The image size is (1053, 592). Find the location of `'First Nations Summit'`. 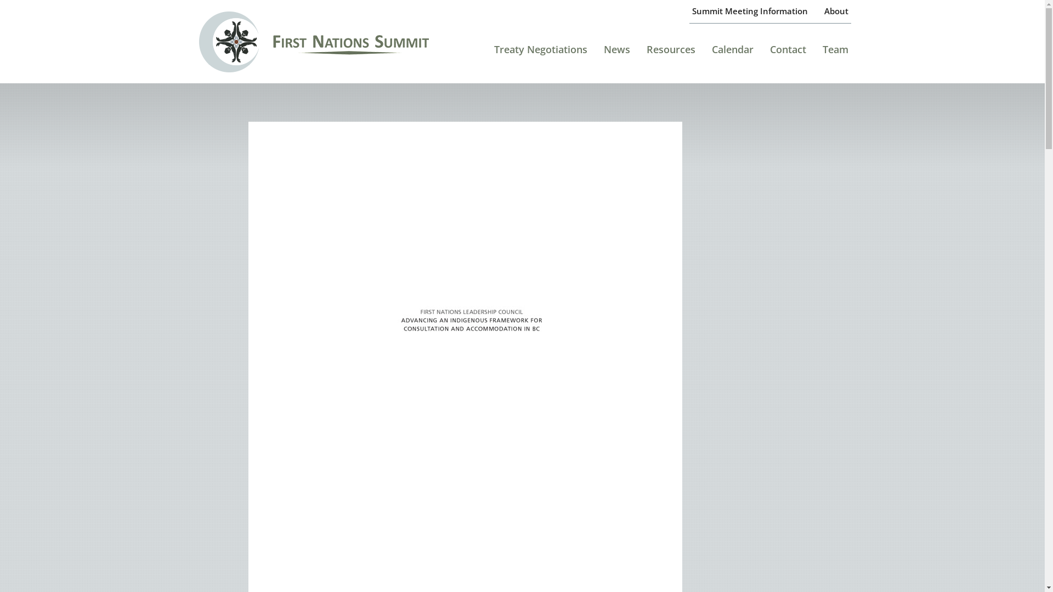

'First Nations Summit' is located at coordinates (329, 41).